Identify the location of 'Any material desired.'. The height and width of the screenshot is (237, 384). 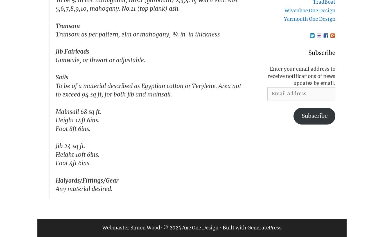
(84, 189).